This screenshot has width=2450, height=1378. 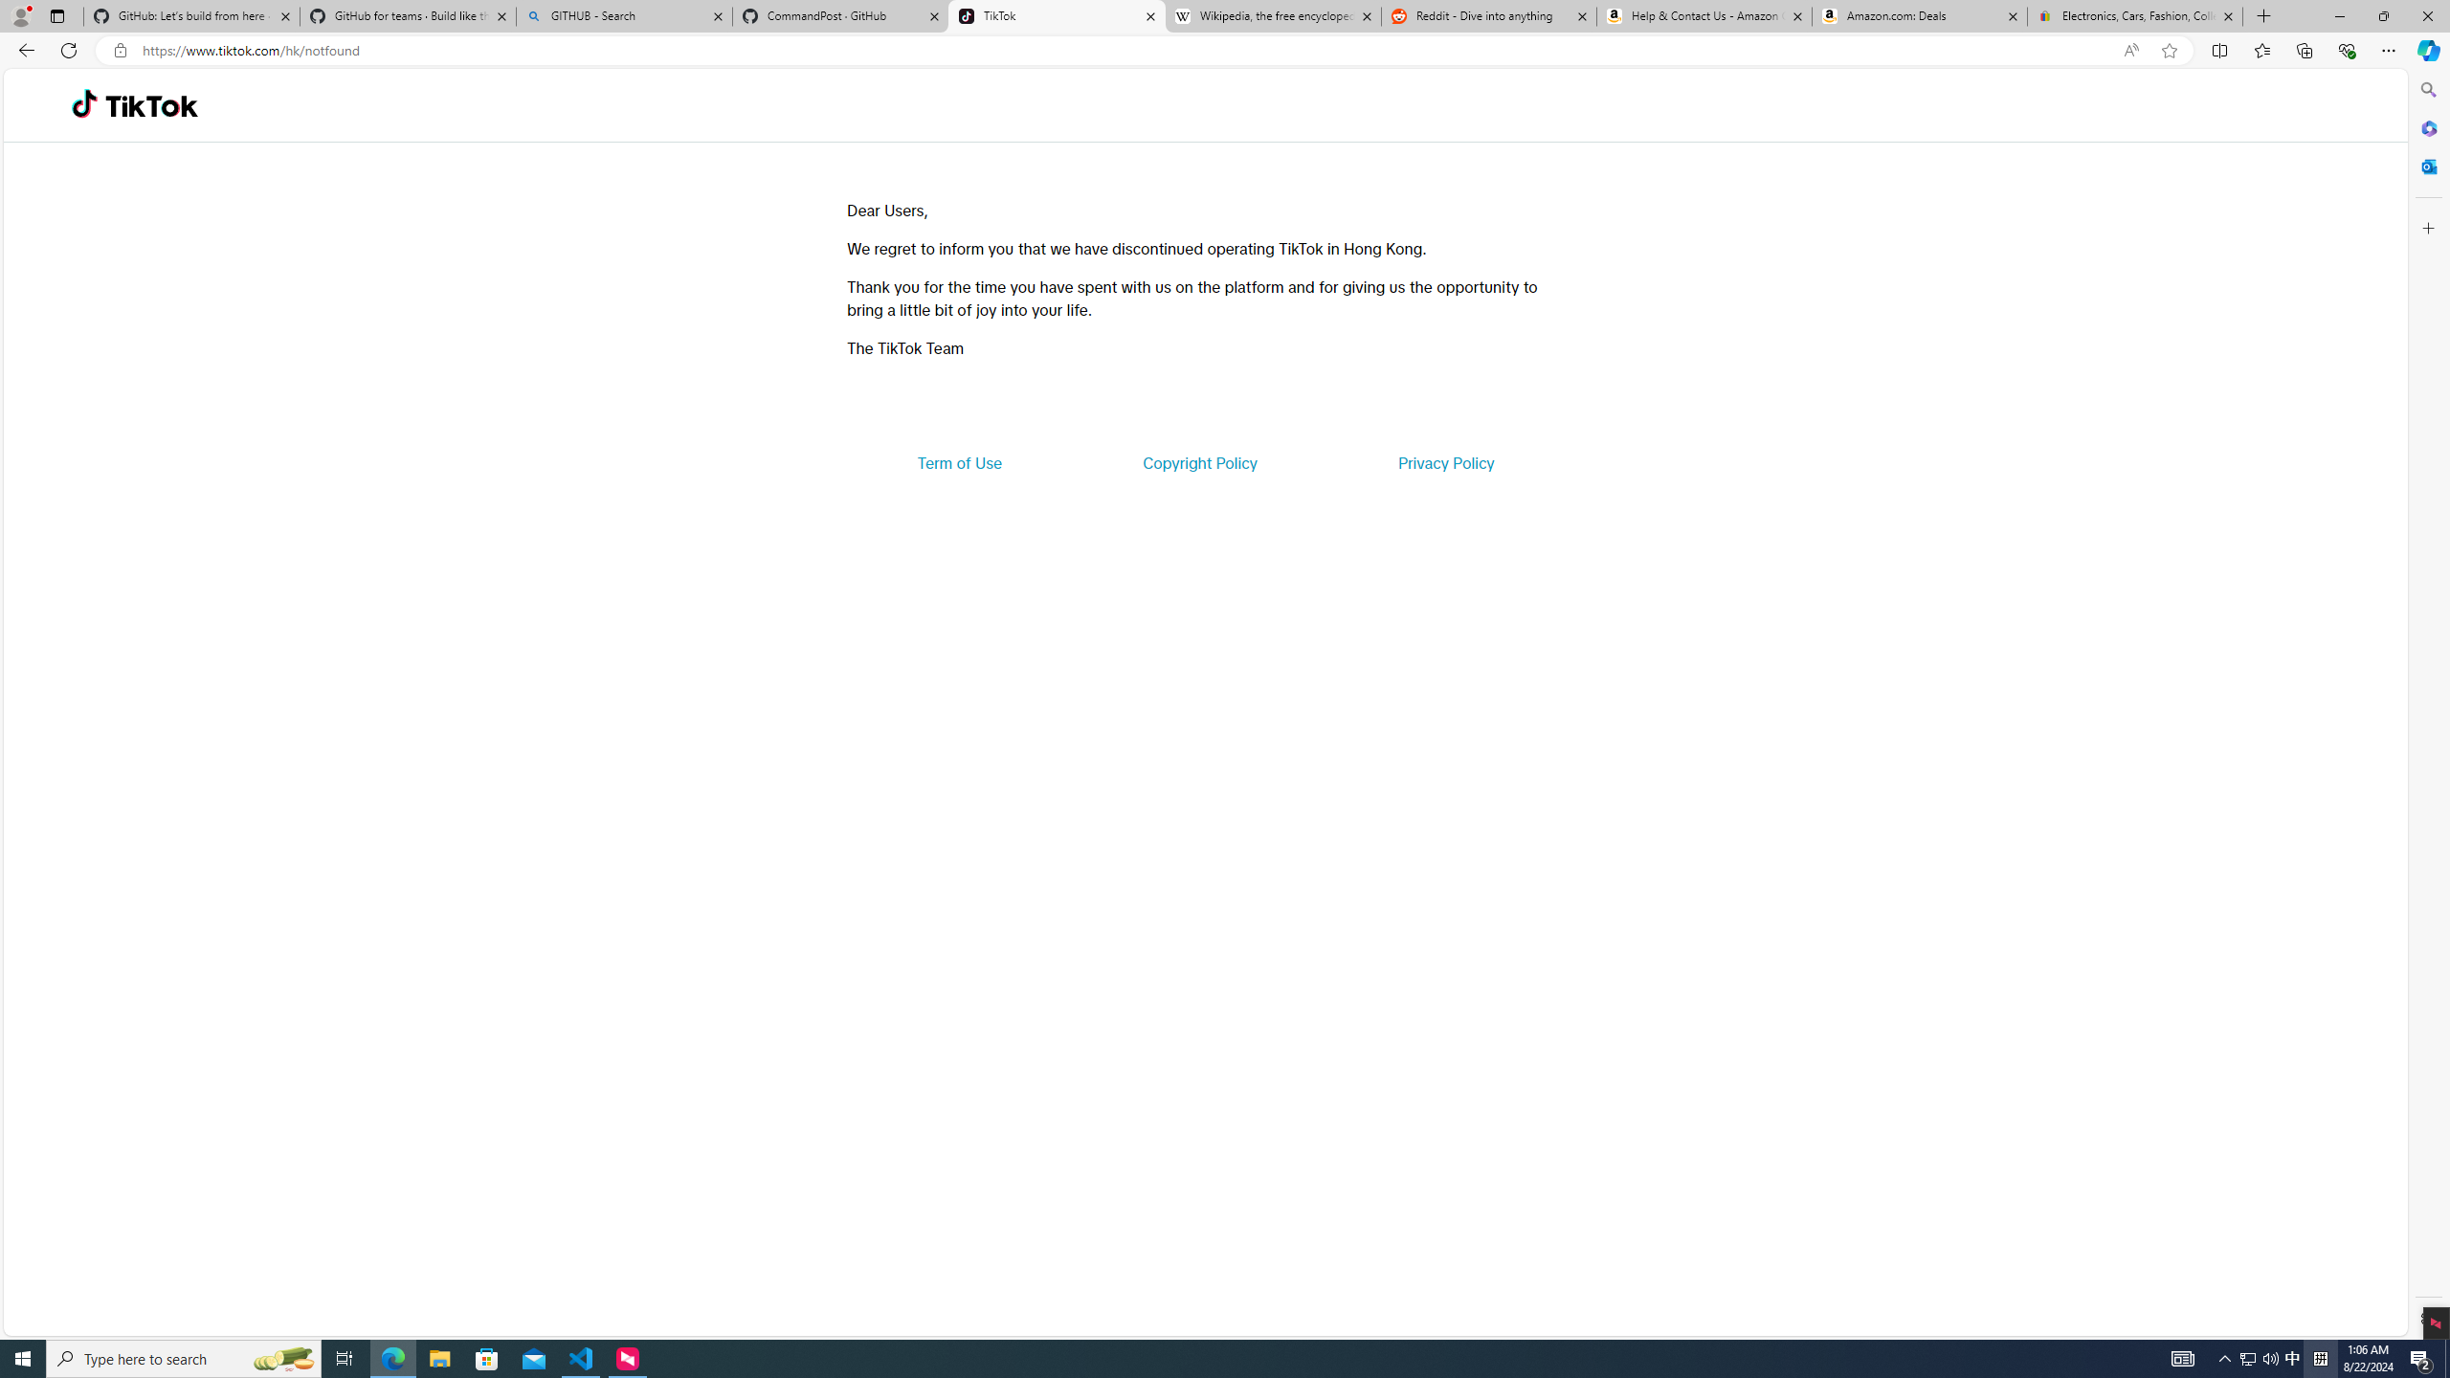 What do you see at coordinates (23, 49) in the screenshot?
I see `'Back'` at bounding box center [23, 49].